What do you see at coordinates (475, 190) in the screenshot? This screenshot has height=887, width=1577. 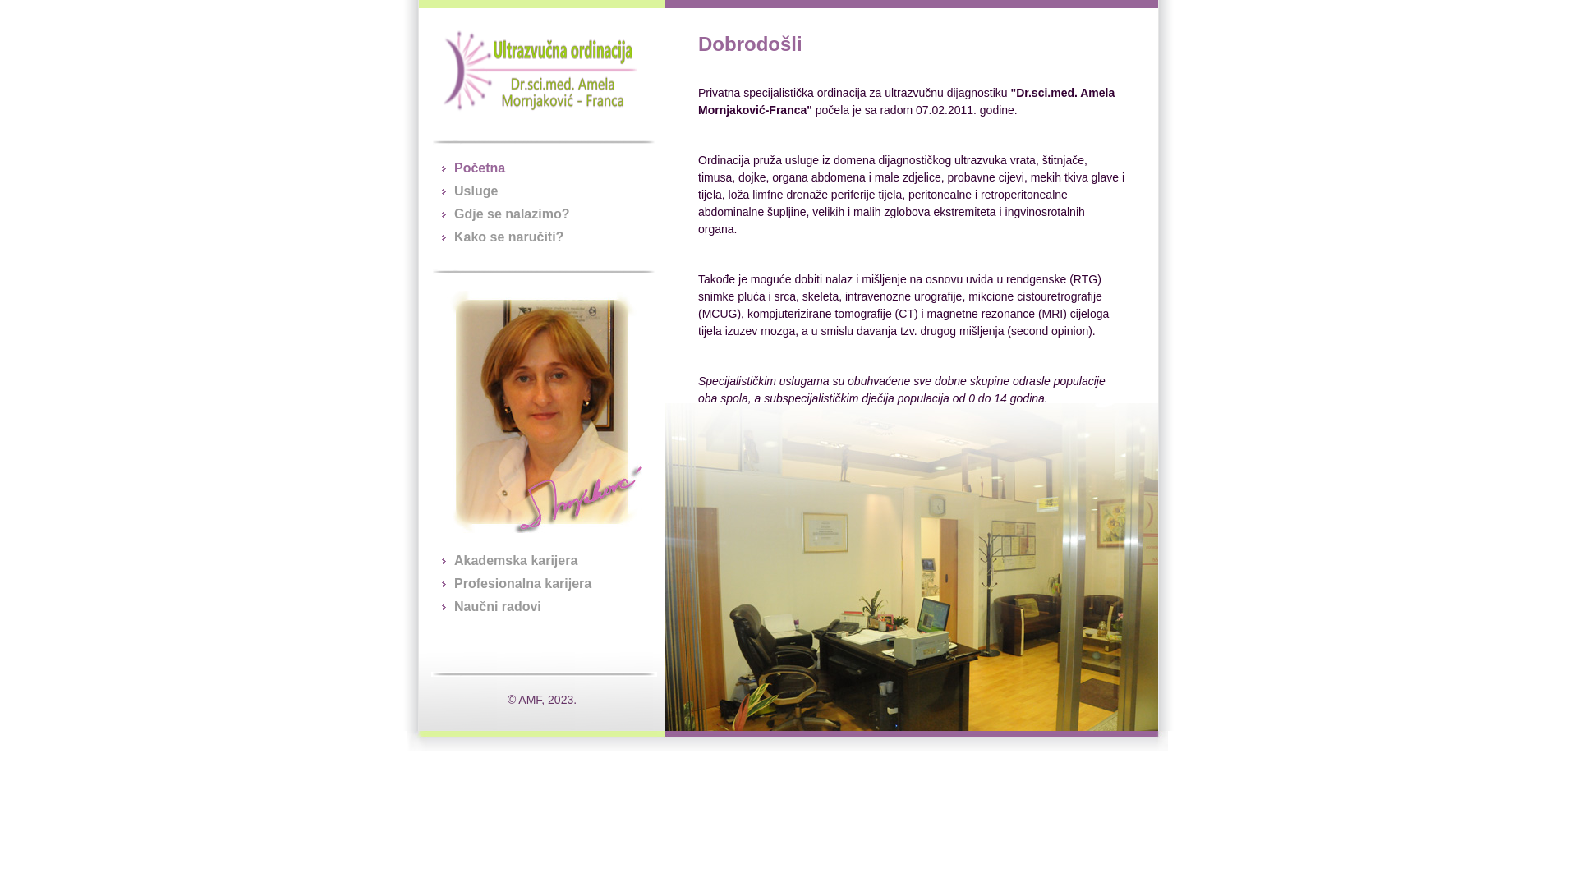 I see `'Usluge'` at bounding box center [475, 190].